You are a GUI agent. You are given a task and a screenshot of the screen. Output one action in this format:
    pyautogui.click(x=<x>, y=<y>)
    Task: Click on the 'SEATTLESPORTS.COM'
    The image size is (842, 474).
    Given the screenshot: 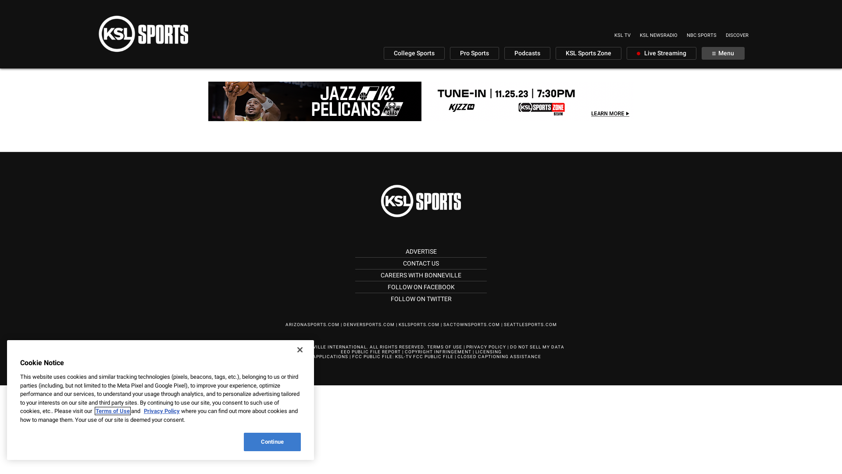 What is the action you would take?
    pyautogui.click(x=503, y=324)
    